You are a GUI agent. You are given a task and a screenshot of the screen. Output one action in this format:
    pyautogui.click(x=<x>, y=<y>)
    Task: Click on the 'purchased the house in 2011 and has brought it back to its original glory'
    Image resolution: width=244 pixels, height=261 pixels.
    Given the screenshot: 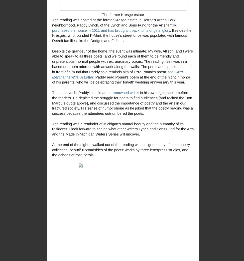 What is the action you would take?
    pyautogui.click(x=111, y=30)
    